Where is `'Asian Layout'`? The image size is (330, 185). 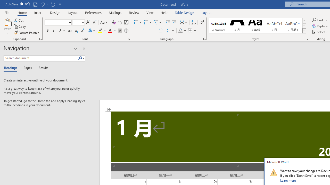
'Asian Layout' is located at coordinates (184, 22).